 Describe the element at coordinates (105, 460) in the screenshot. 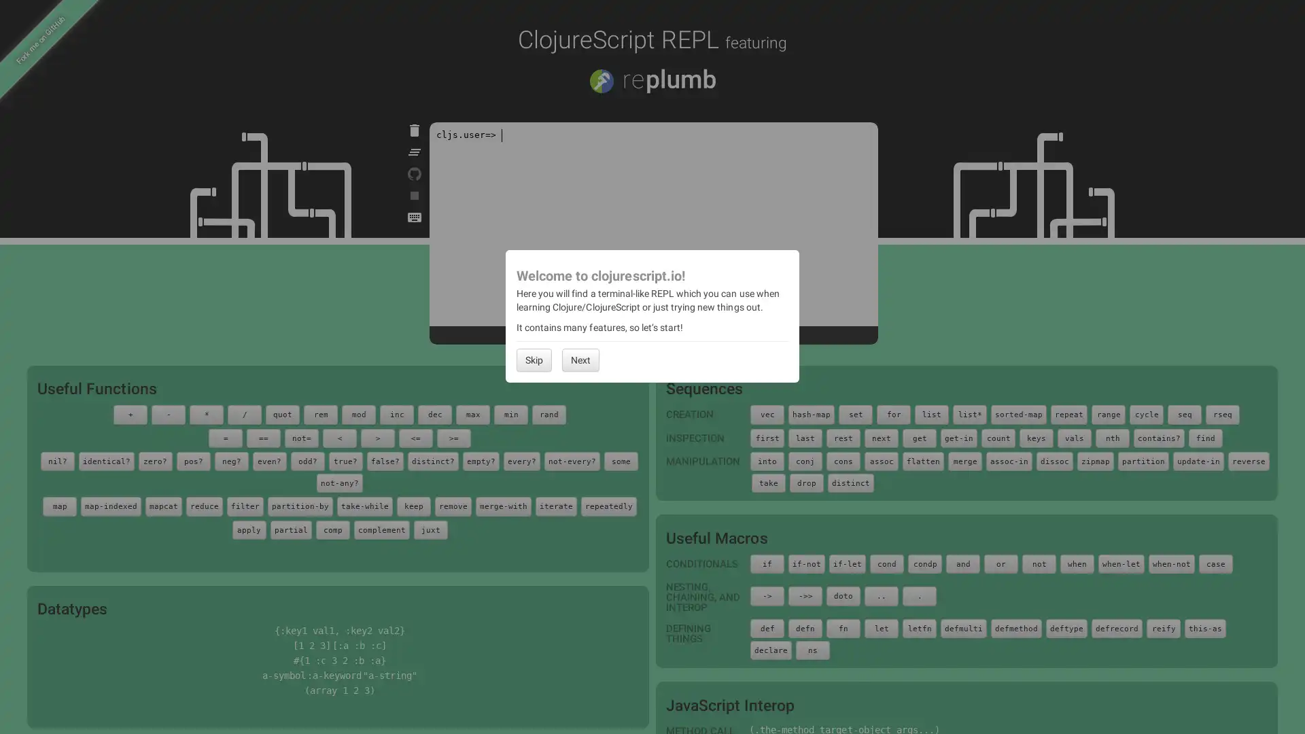

I see `identical?` at that location.